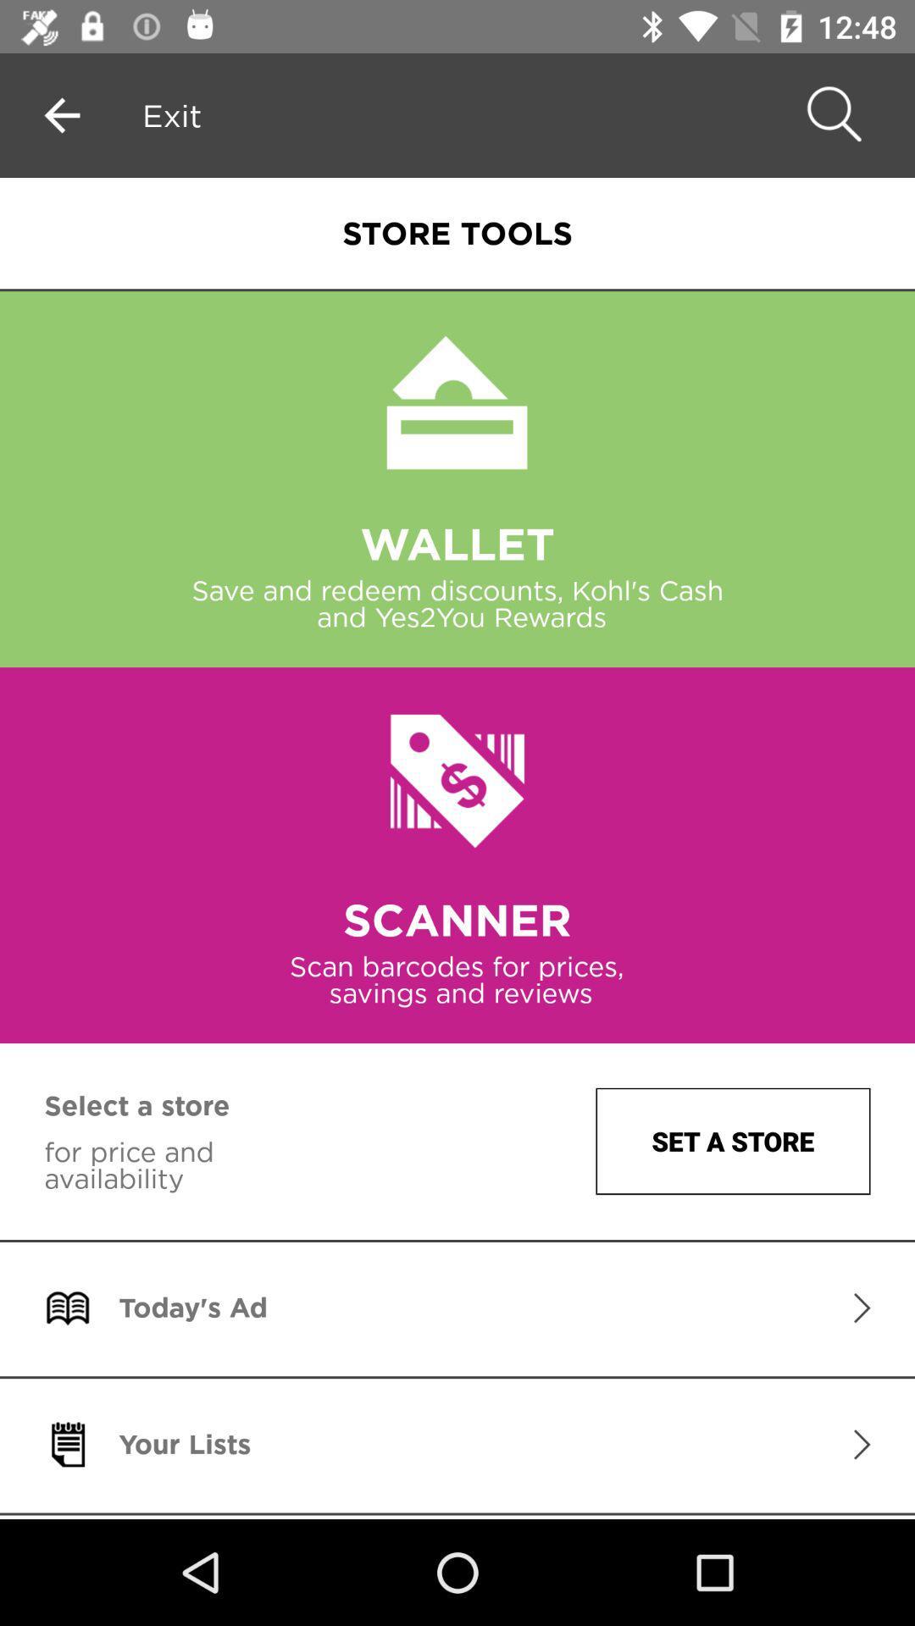 The width and height of the screenshot is (915, 1626). Describe the element at coordinates (172, 114) in the screenshot. I see `icon to the left of store tools icon` at that location.